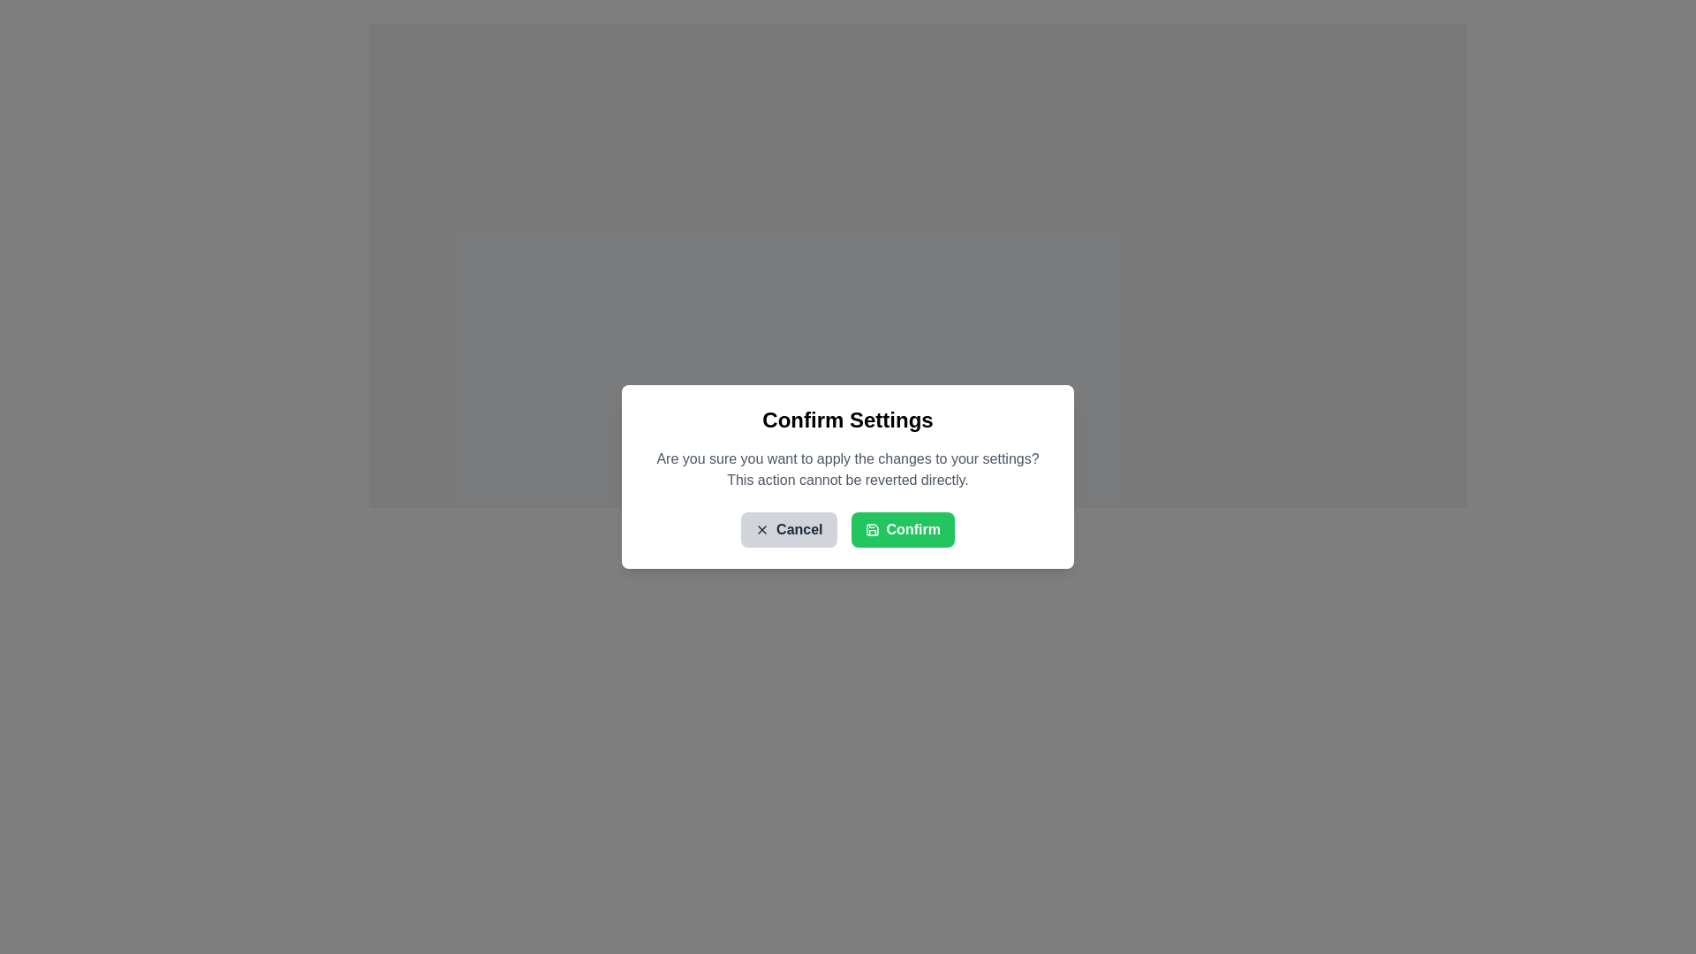 This screenshot has height=954, width=1696. What do you see at coordinates (762, 529) in the screenshot?
I see `the 'Cancel' button which contains an 'X' shaped icon` at bounding box center [762, 529].